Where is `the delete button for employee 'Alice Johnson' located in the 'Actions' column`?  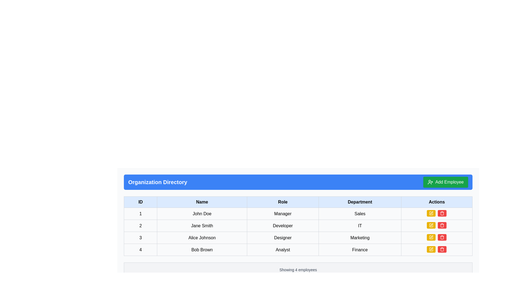
the delete button for employee 'Alice Johnson' located in the 'Actions' column is located at coordinates (442, 237).